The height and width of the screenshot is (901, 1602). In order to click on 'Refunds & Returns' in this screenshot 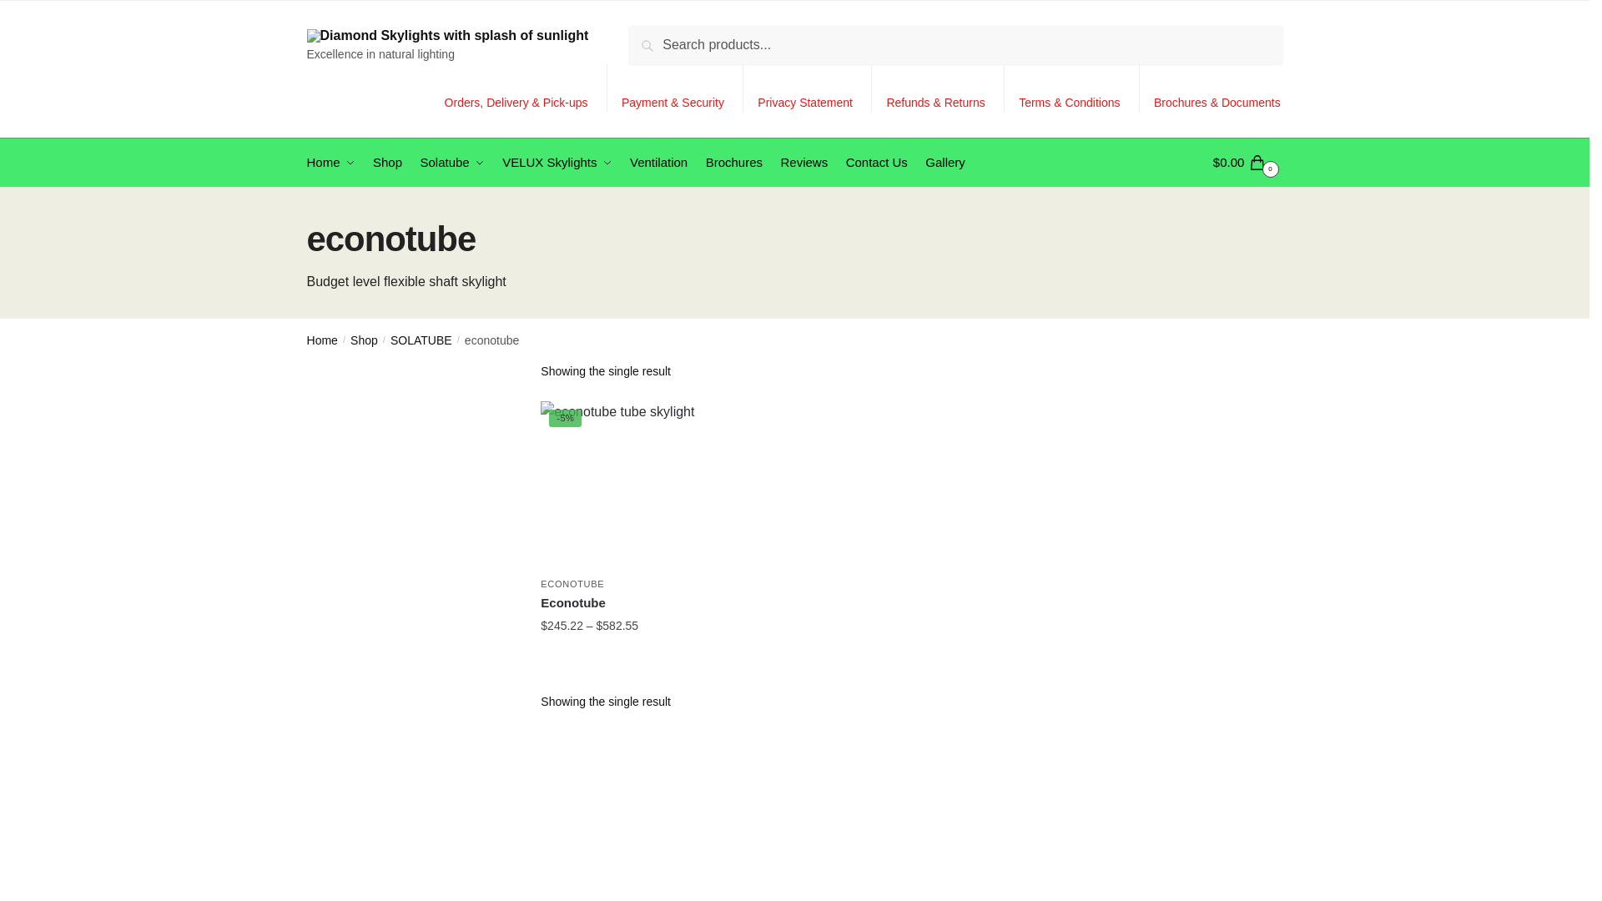, I will do `click(935, 88)`.